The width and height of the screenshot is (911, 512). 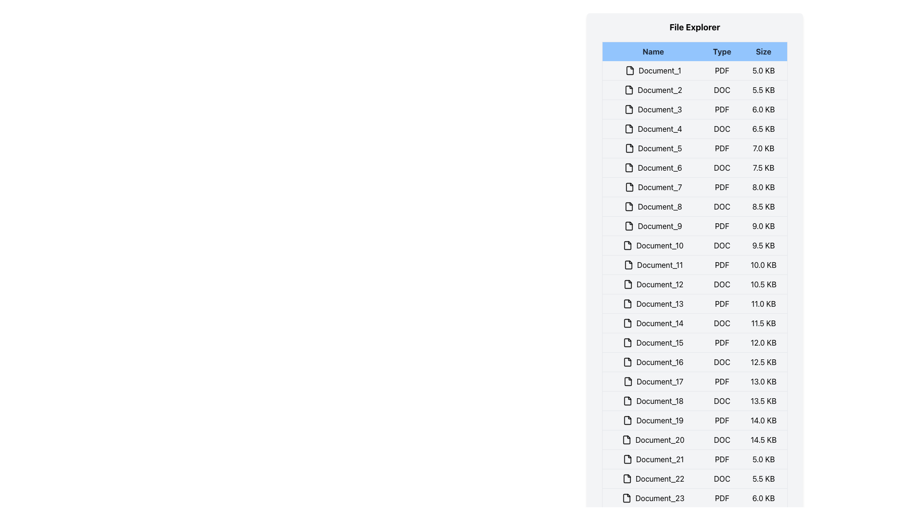 What do you see at coordinates (695, 167) in the screenshot?
I see `to select the list item displaying the document name 'Document_6', file type 'DOC', and size '7.5 KB' in the file explorer interface` at bounding box center [695, 167].